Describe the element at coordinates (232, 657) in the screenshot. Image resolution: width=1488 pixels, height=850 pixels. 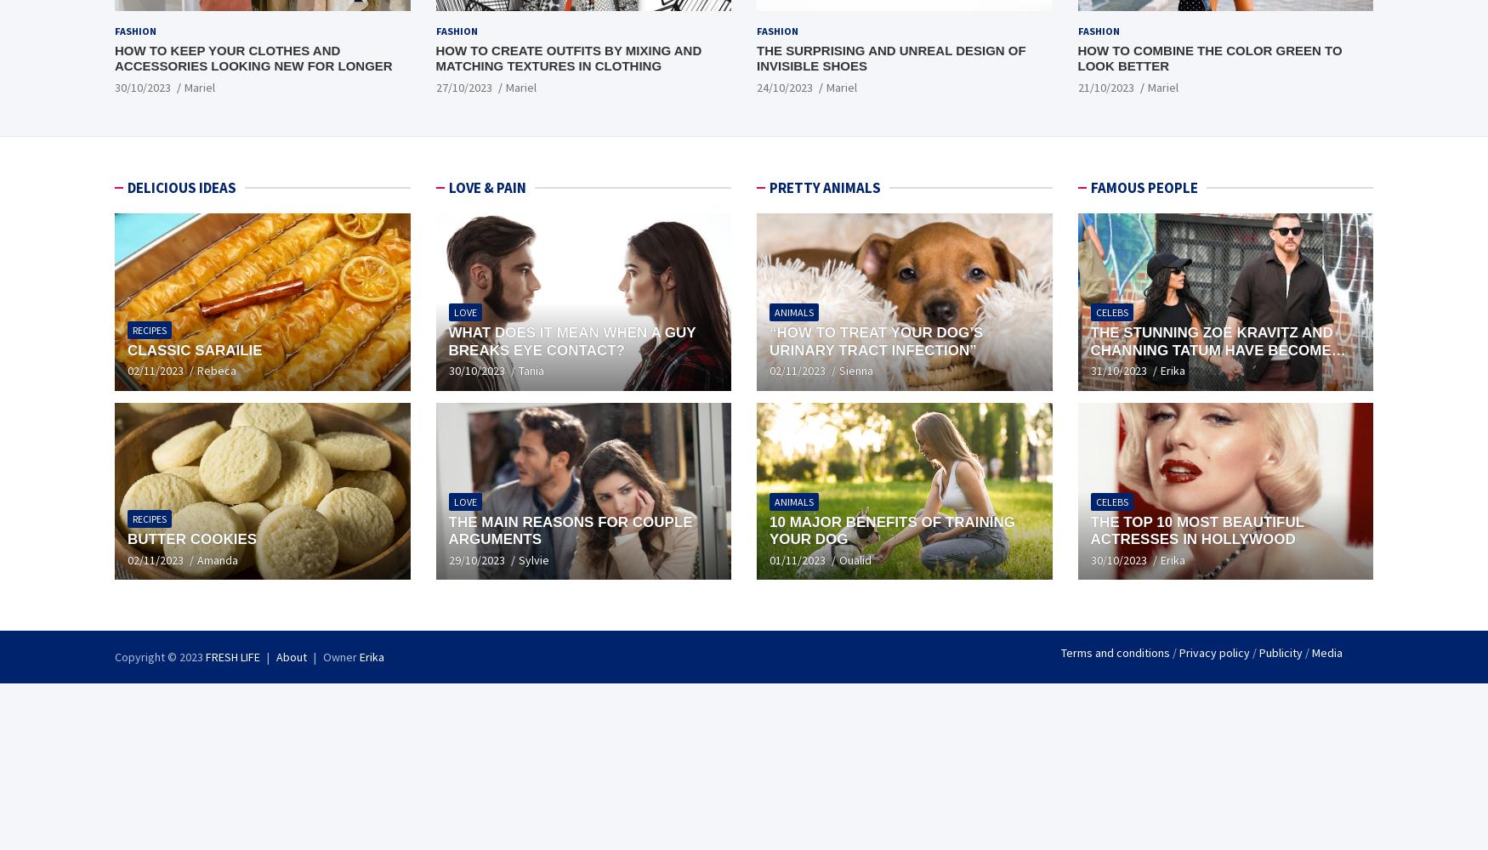
I see `'FRESH LIFE'` at that location.